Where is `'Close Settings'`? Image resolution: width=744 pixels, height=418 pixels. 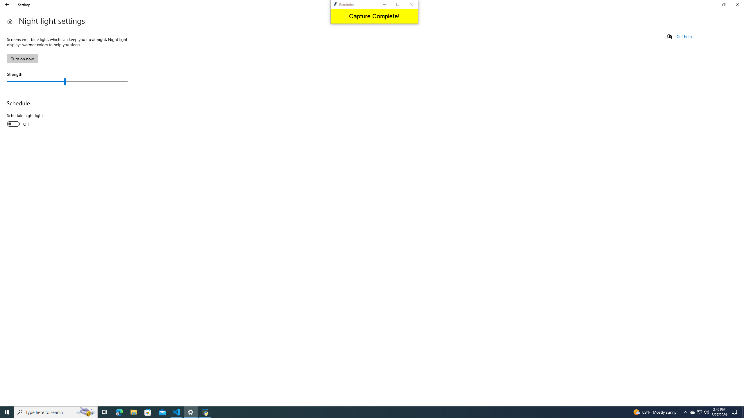
'Close Settings' is located at coordinates (737, 4).